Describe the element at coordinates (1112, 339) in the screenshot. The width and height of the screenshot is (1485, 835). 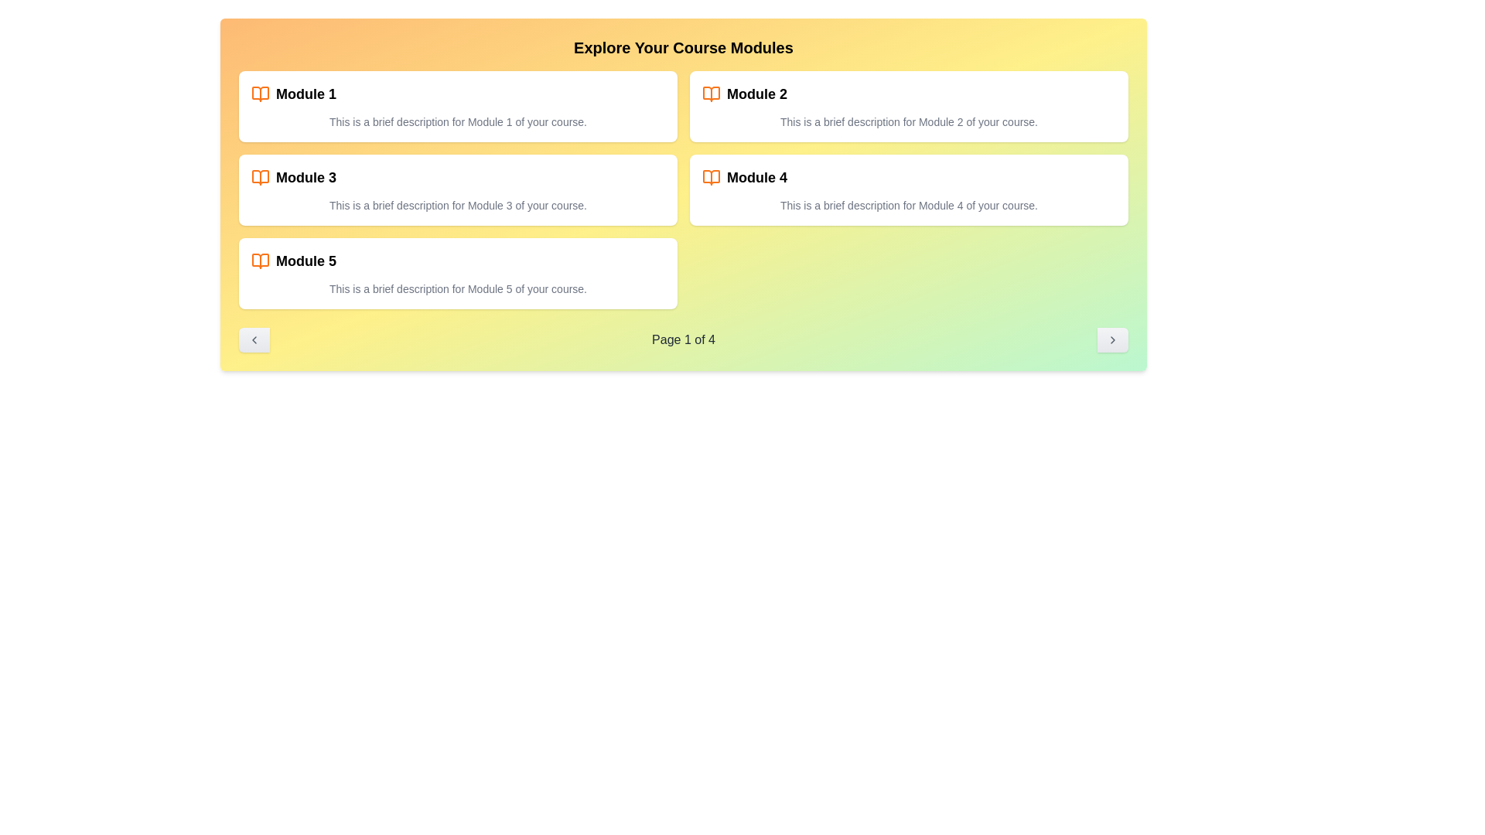
I see `the 'Next' button icon located at the bottom-right corner of the pagination interface` at that location.